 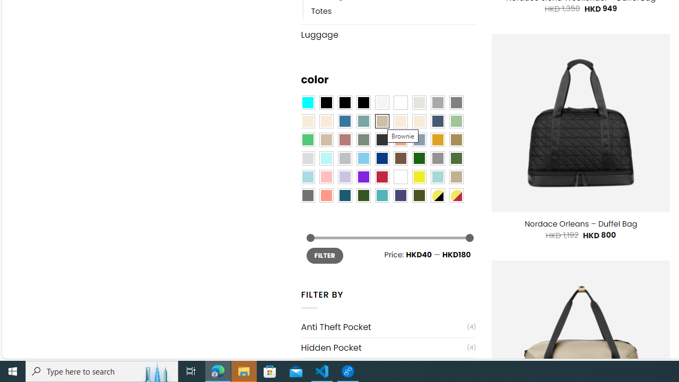 What do you see at coordinates (393, 11) in the screenshot?
I see `'Totes'` at bounding box center [393, 11].